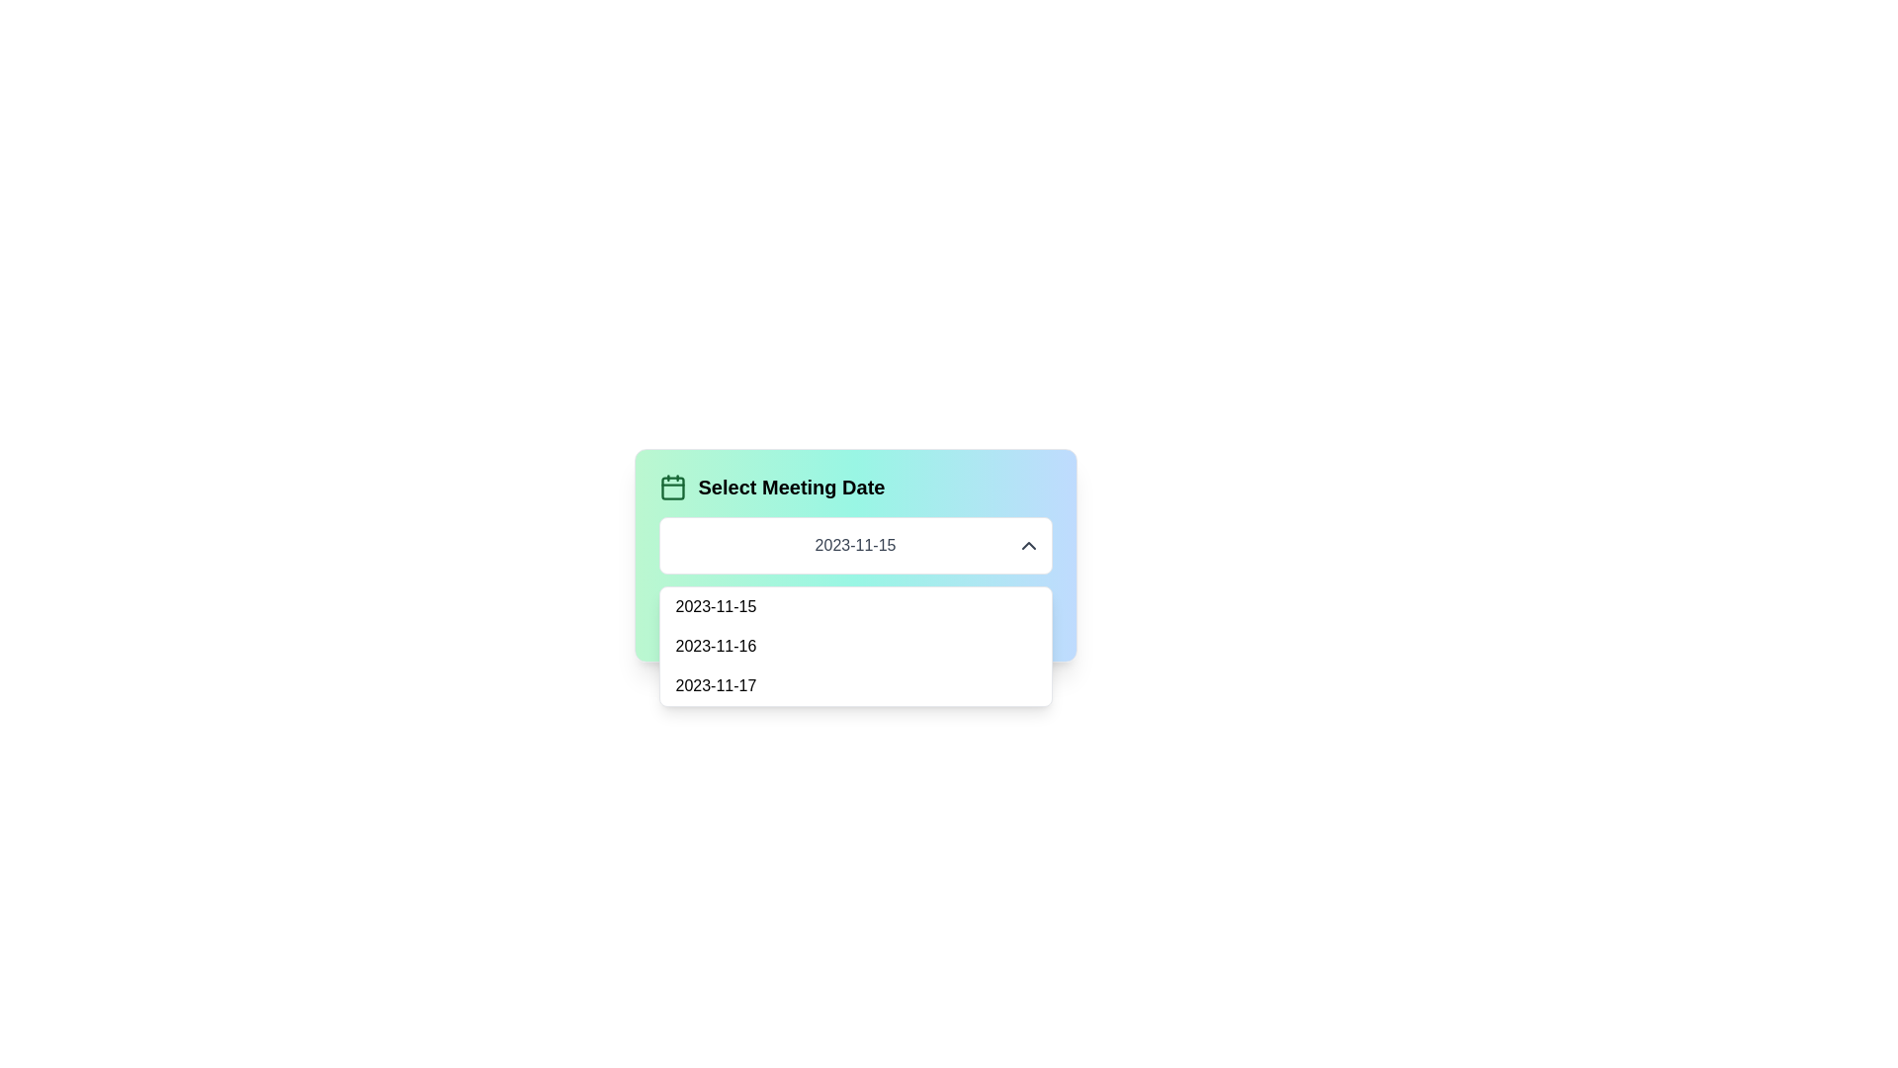 The height and width of the screenshot is (1068, 1898). I want to click on the dropdown menu, so click(855, 556).